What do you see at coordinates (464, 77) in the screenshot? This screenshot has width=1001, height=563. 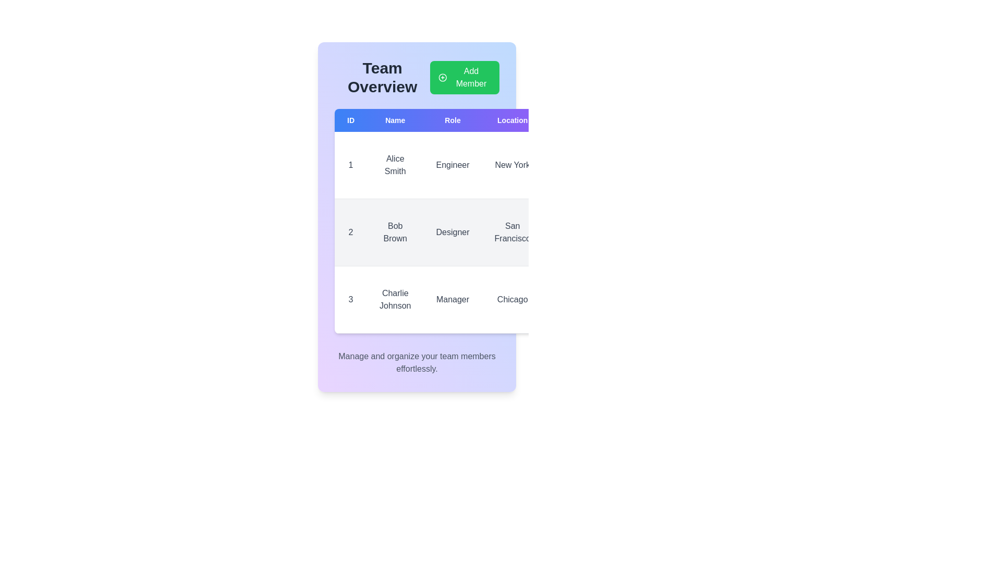 I see `the 'Add Member' button, which is a vibrant green rectangular button with rounded corners located in the upper-right corner of the 'Team Overview' section` at bounding box center [464, 77].